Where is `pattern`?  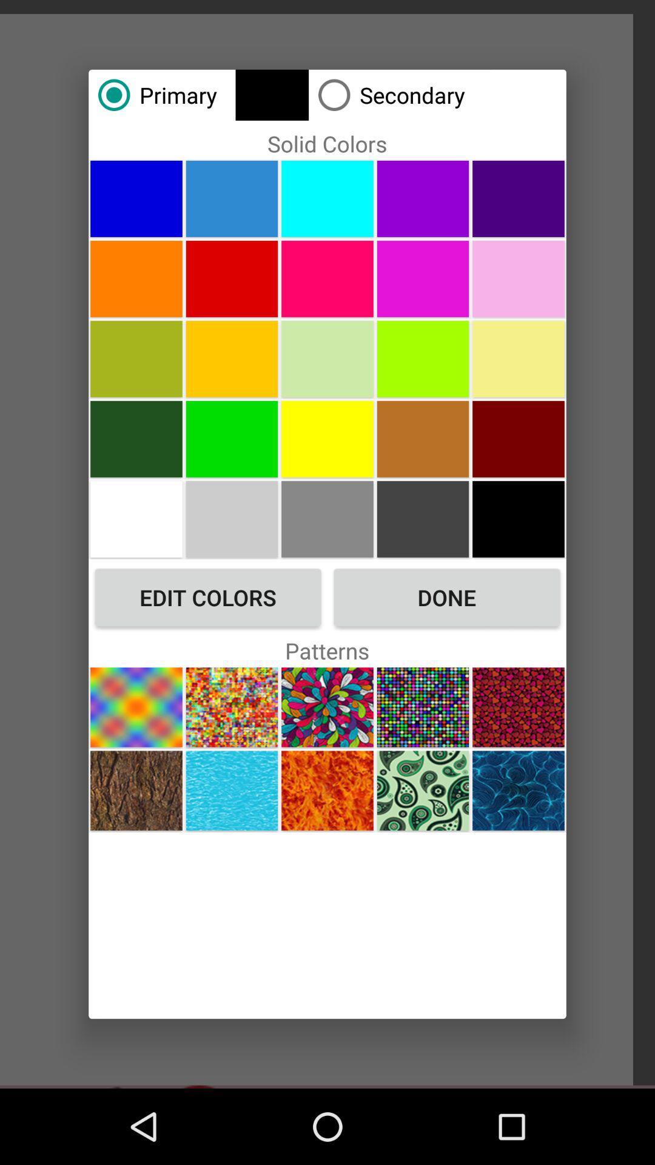 pattern is located at coordinates (232, 707).